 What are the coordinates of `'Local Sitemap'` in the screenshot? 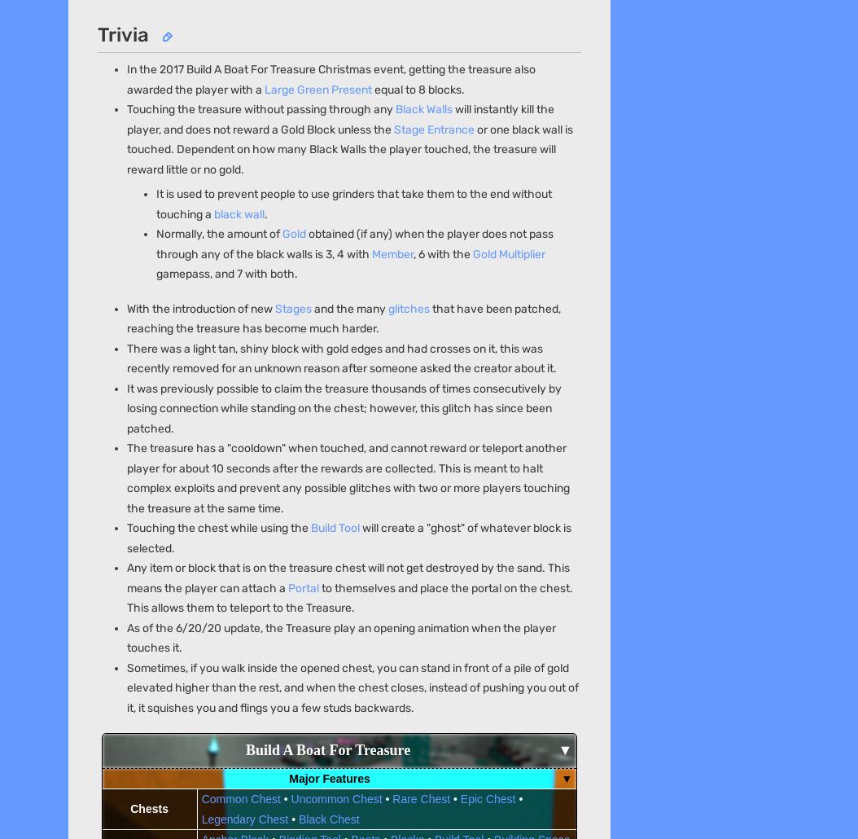 It's located at (387, 236).